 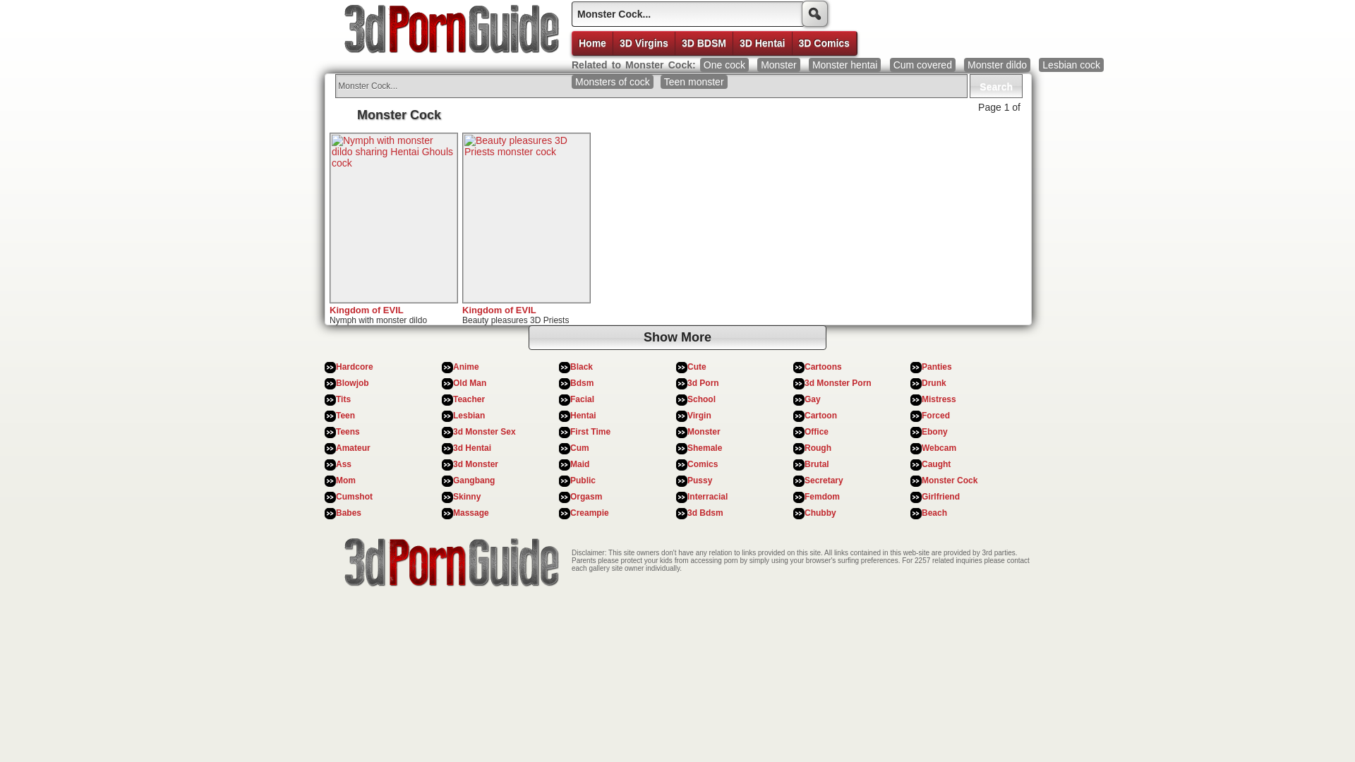 I want to click on 'School', so click(x=701, y=399).